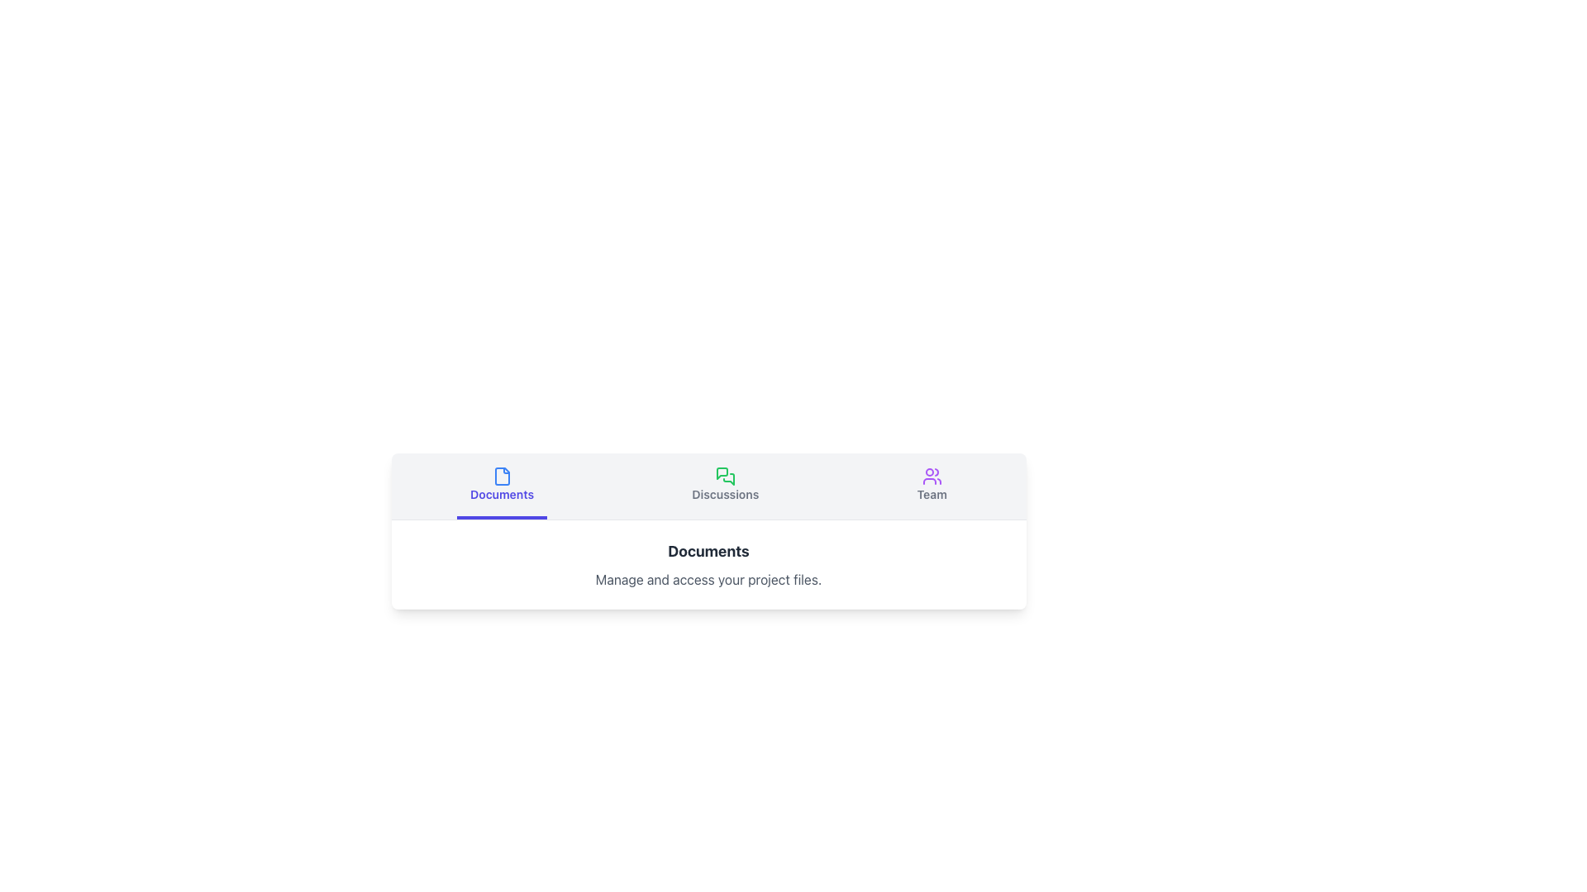  I want to click on the text label displaying 'Documents', which is styled in bold and large font, centrally aligned and positioned above the supporting text, so click(708, 551).